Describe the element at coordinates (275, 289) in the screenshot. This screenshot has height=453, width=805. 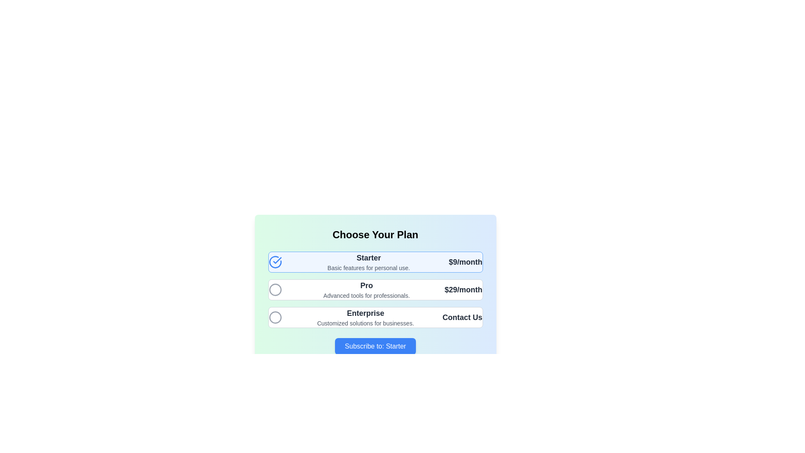
I see `the radio button` at that location.